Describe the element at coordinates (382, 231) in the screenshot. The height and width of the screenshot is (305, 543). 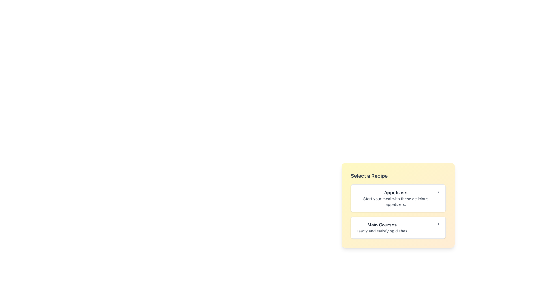
I see `text label that serves as a short description for the 'Main Courses' section, positioned below the 'Main Courses' heading in the right-central card layout` at that location.